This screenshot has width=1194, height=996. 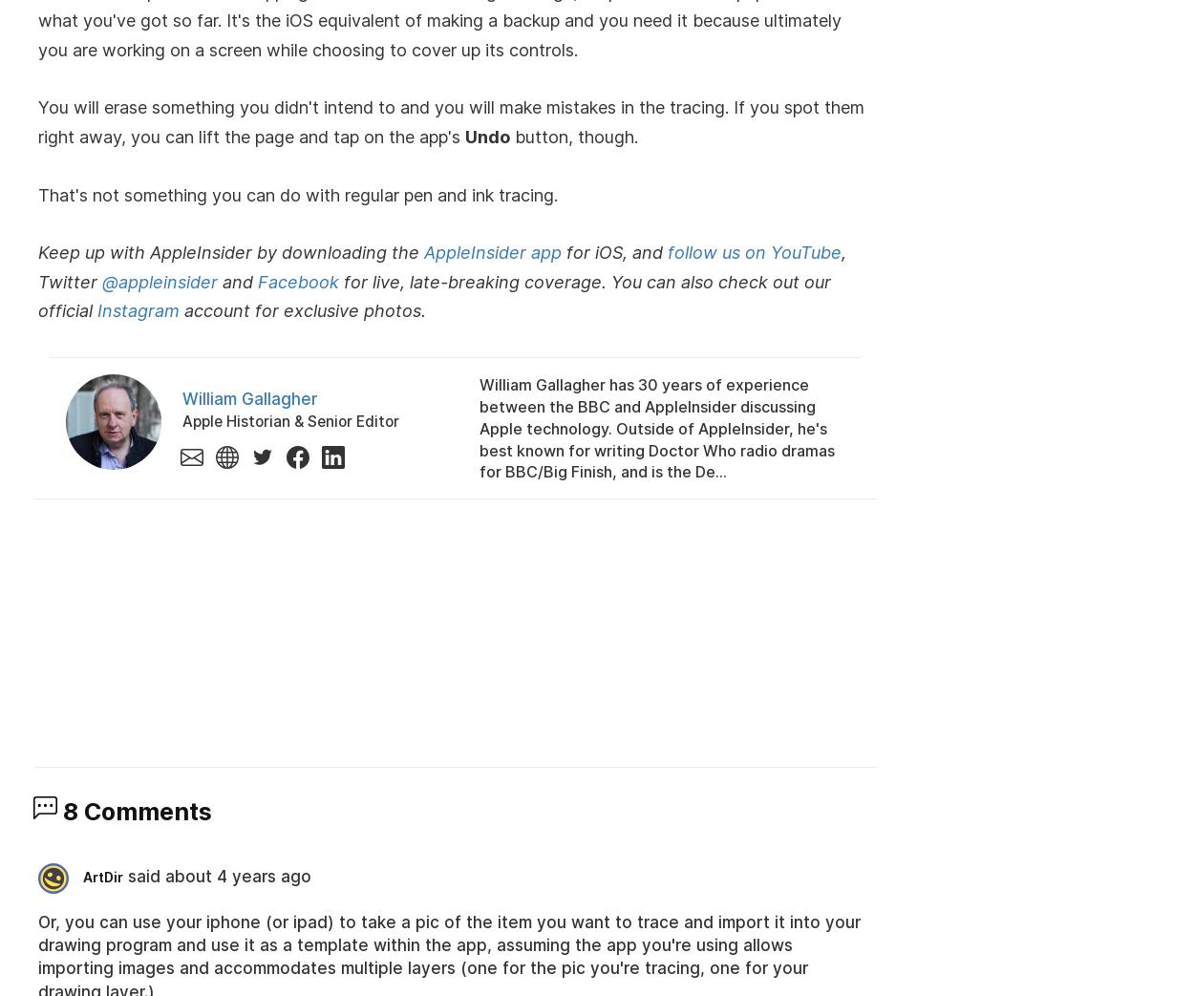 I want to click on 'for live, late-breaking coverage. You can also check out our official', so click(x=434, y=294).